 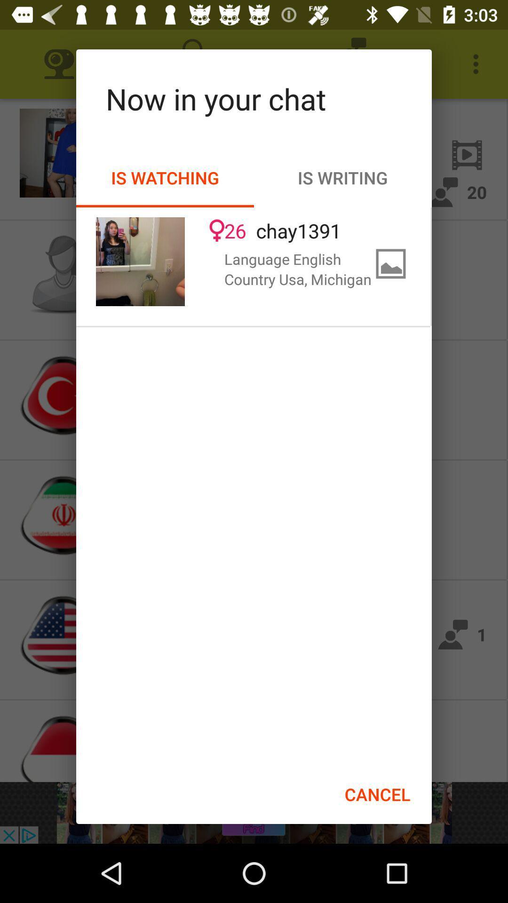 What do you see at coordinates (377, 794) in the screenshot?
I see `the item below the country usa, michigan icon` at bounding box center [377, 794].